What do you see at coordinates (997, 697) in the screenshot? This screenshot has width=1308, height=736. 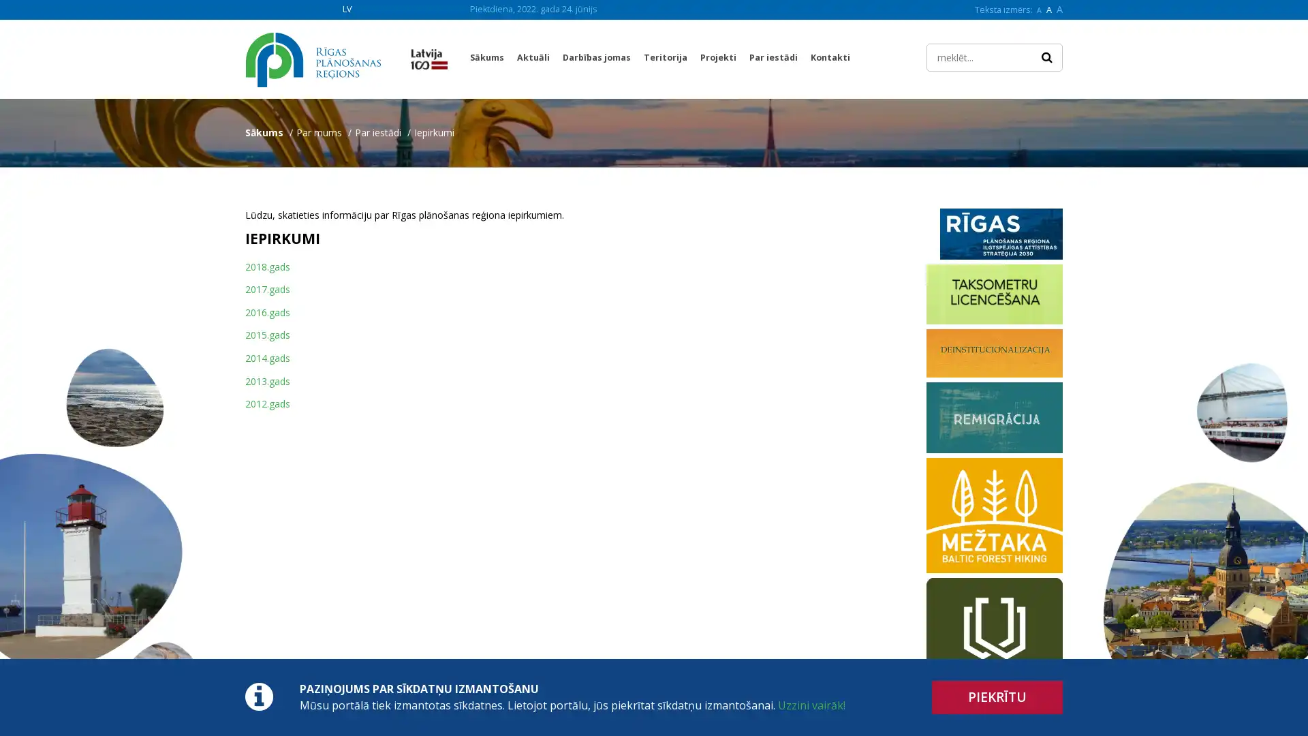 I see `PIEKRITU` at bounding box center [997, 697].